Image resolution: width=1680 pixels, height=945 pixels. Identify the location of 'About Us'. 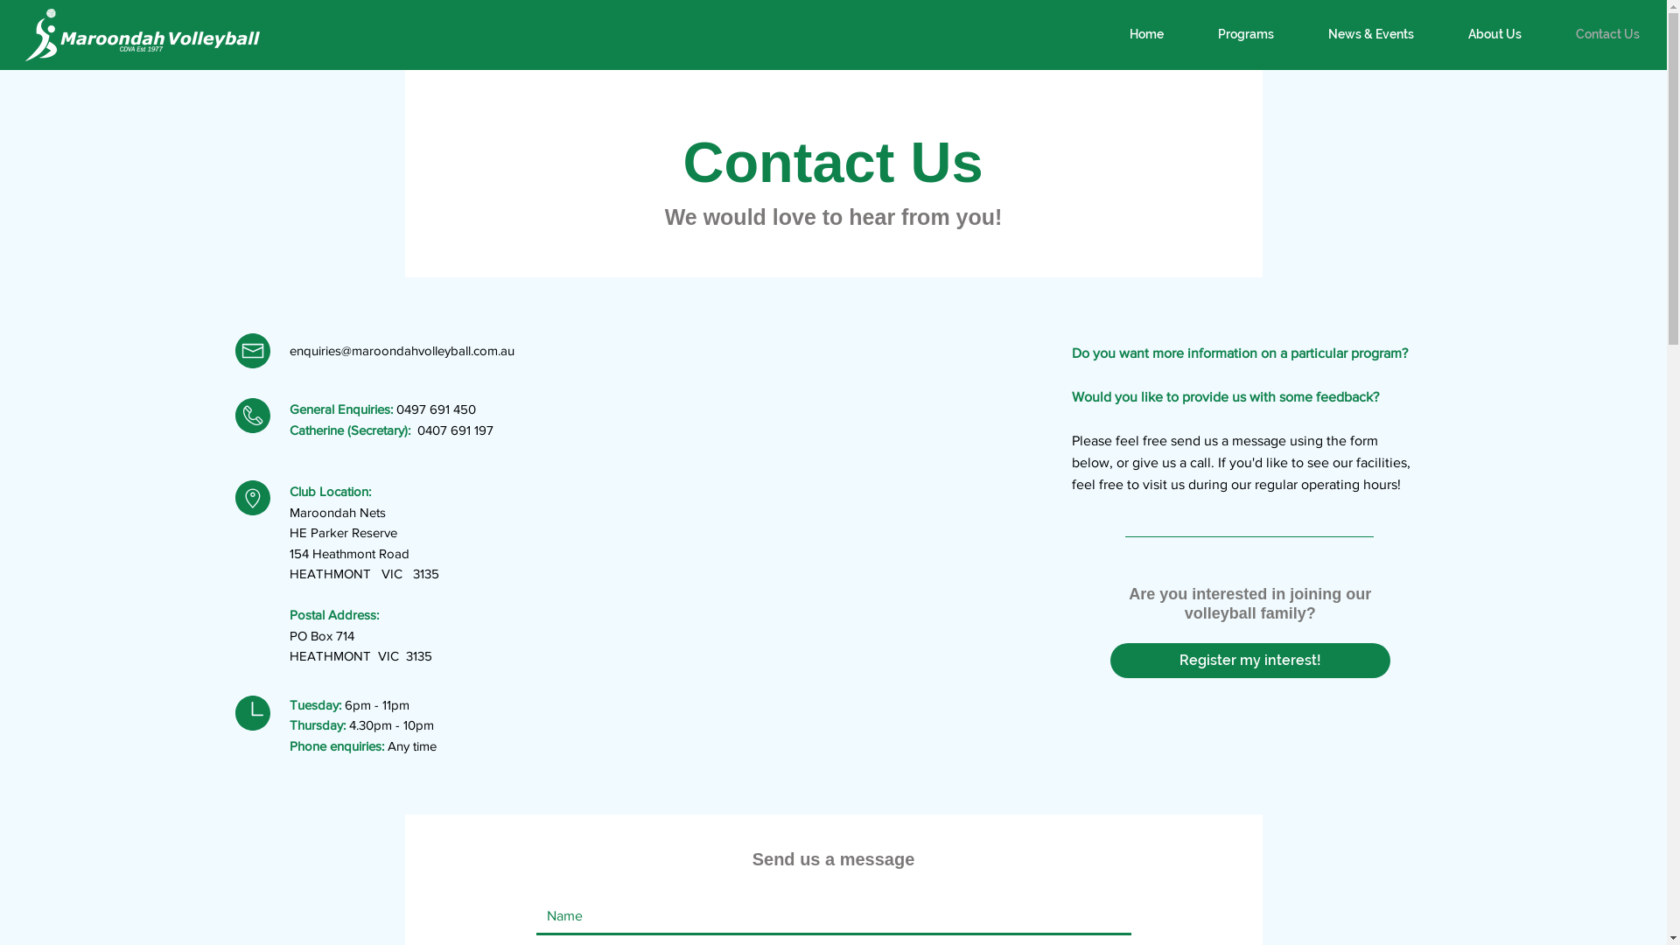
(1494, 34).